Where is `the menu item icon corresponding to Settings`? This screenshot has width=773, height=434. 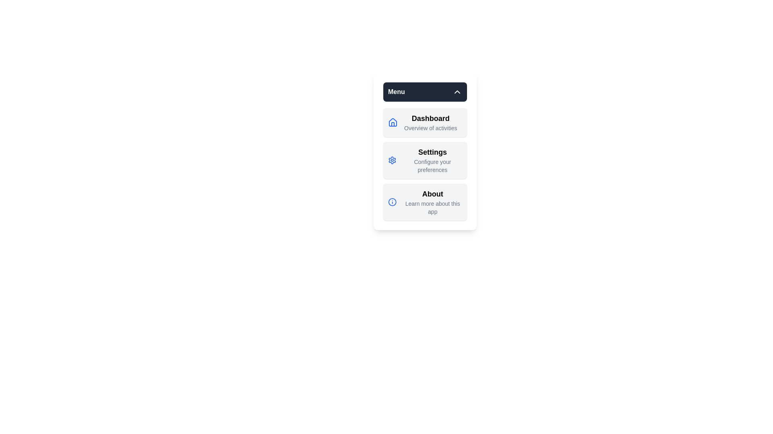
the menu item icon corresponding to Settings is located at coordinates (392, 160).